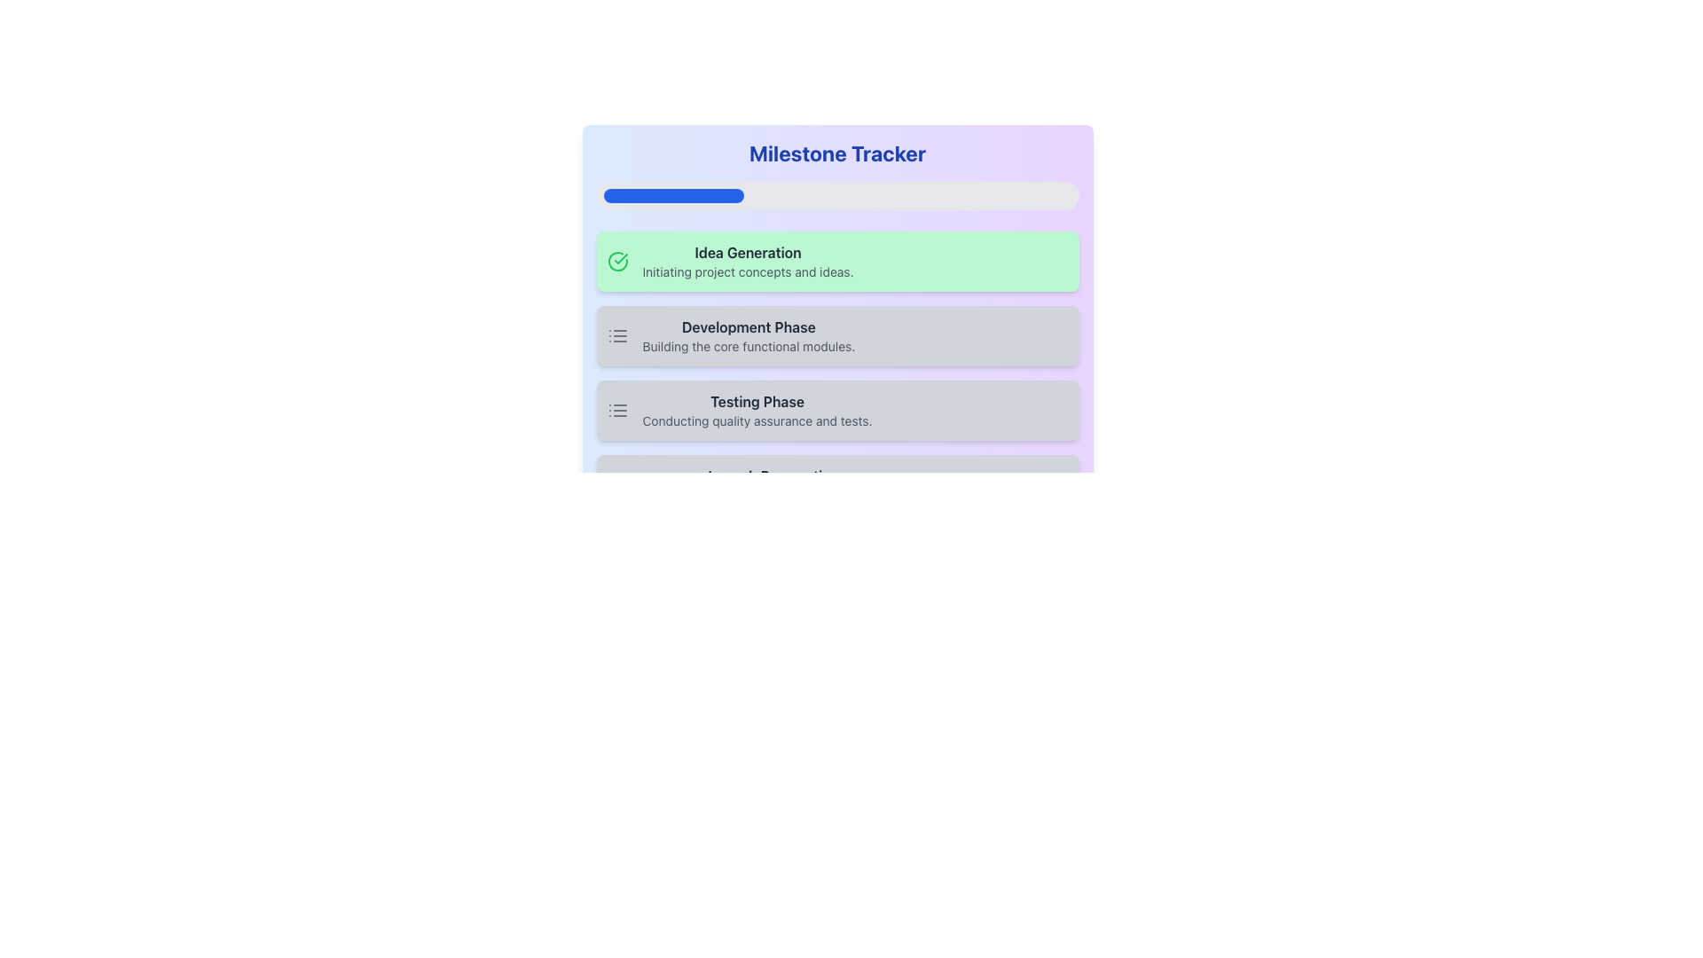 The image size is (1703, 958). Describe the element at coordinates (757, 420) in the screenshot. I see `the static text element that describes the 'Testing Phase' milestone, positioned below the 'Testing Phase' heading in the milestone tracker` at that location.